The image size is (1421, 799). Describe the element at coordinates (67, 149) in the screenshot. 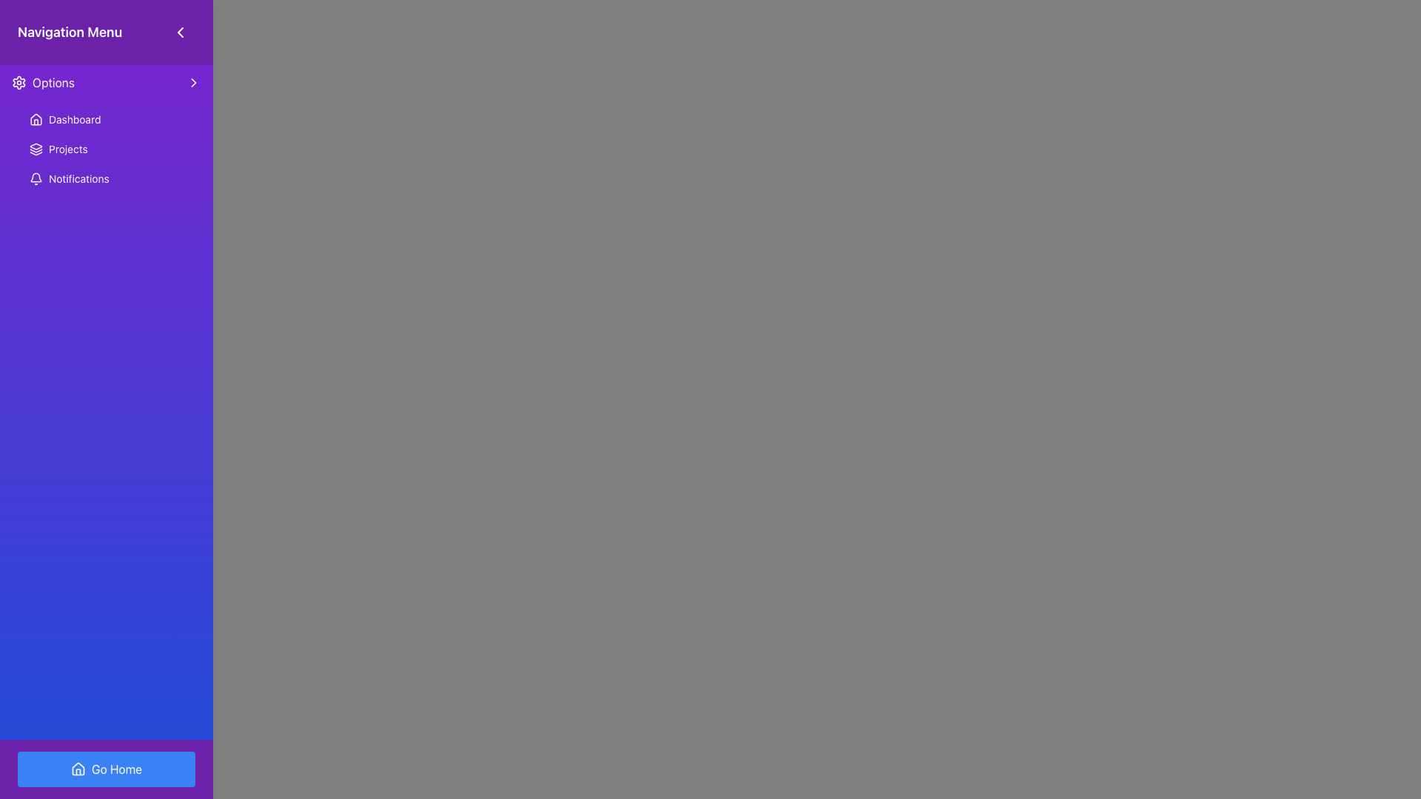

I see `the 'Projects' navigational item located in the left navigation menu, specifically the second item under the 'Options' title` at that location.